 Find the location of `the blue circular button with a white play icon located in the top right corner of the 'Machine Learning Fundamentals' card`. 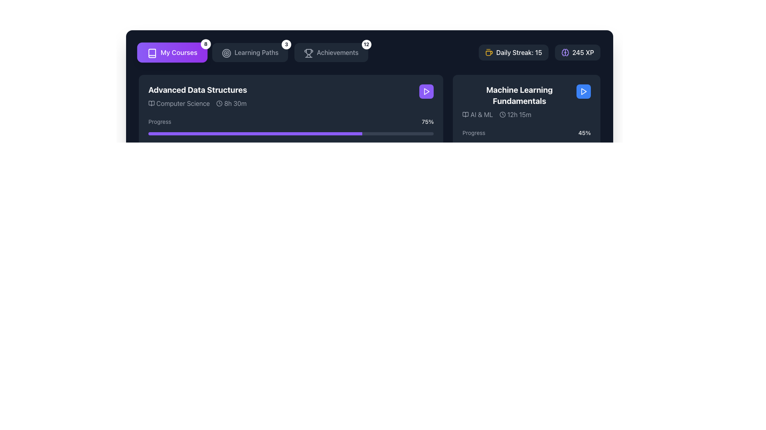

the blue circular button with a white play icon located in the top right corner of the 'Machine Learning Fundamentals' card is located at coordinates (584, 91).